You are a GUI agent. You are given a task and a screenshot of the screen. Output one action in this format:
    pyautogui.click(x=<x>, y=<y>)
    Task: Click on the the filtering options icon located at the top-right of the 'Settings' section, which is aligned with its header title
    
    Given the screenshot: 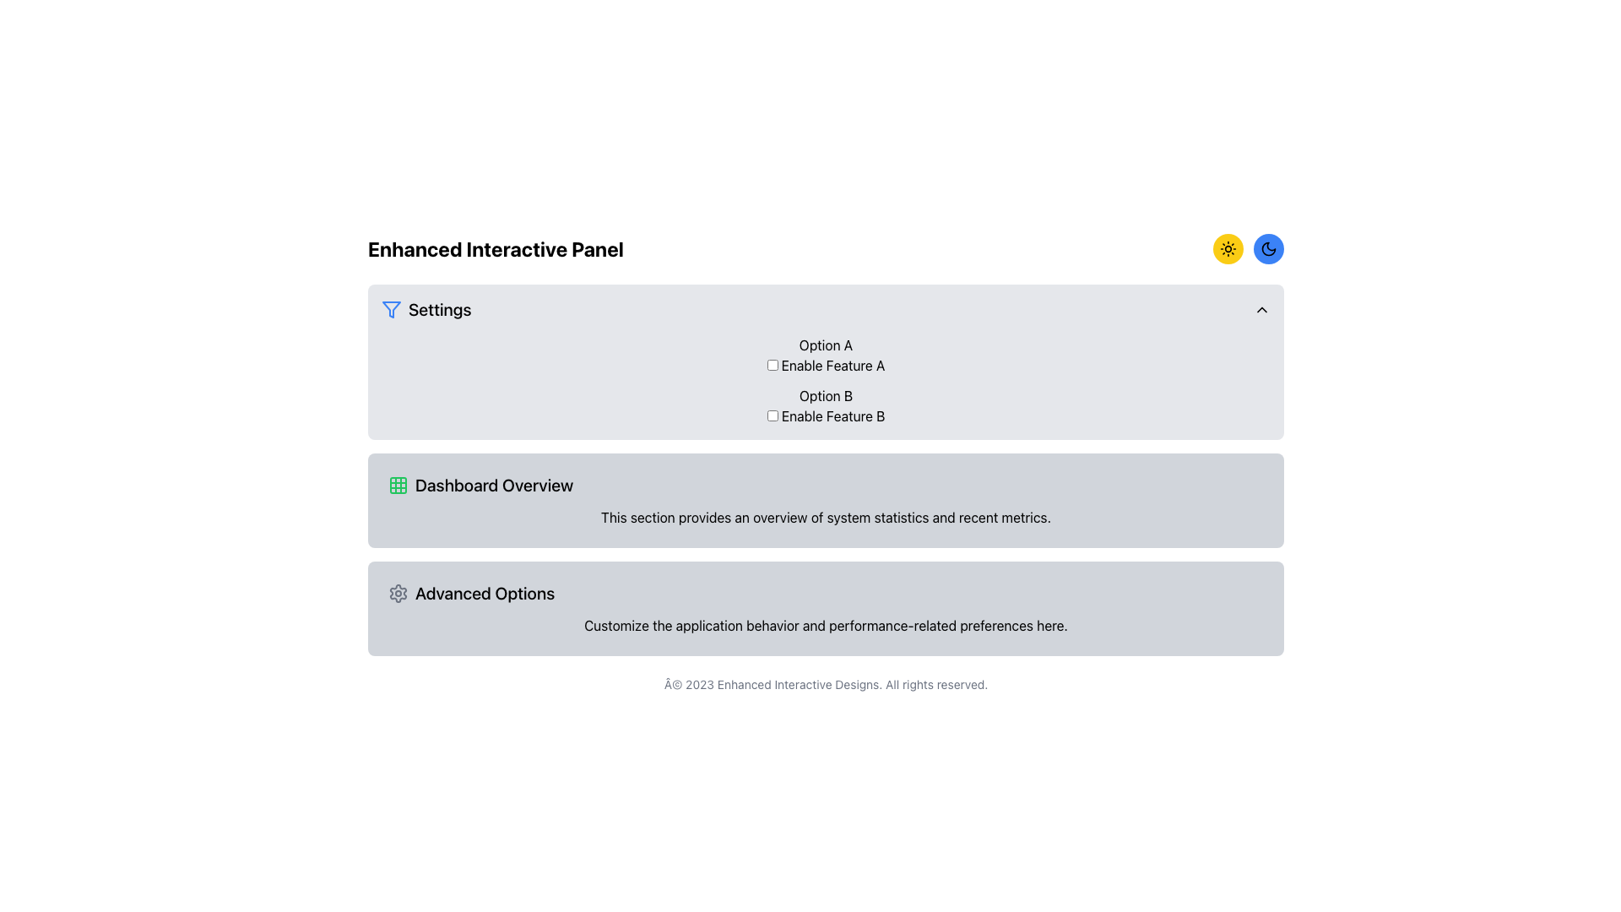 What is the action you would take?
    pyautogui.click(x=391, y=309)
    